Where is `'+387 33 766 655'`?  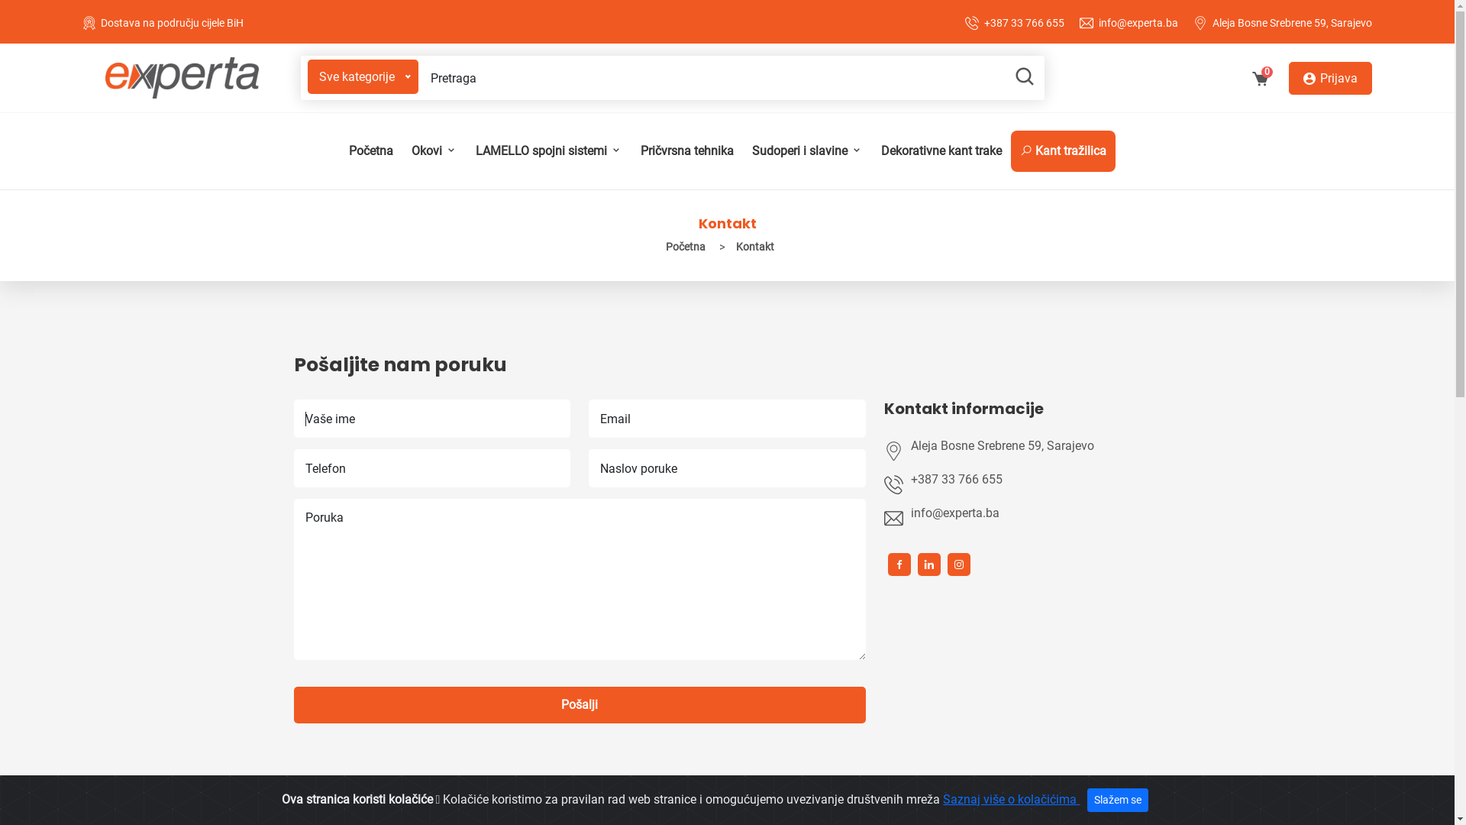
'+387 33 766 655' is located at coordinates (984, 23).